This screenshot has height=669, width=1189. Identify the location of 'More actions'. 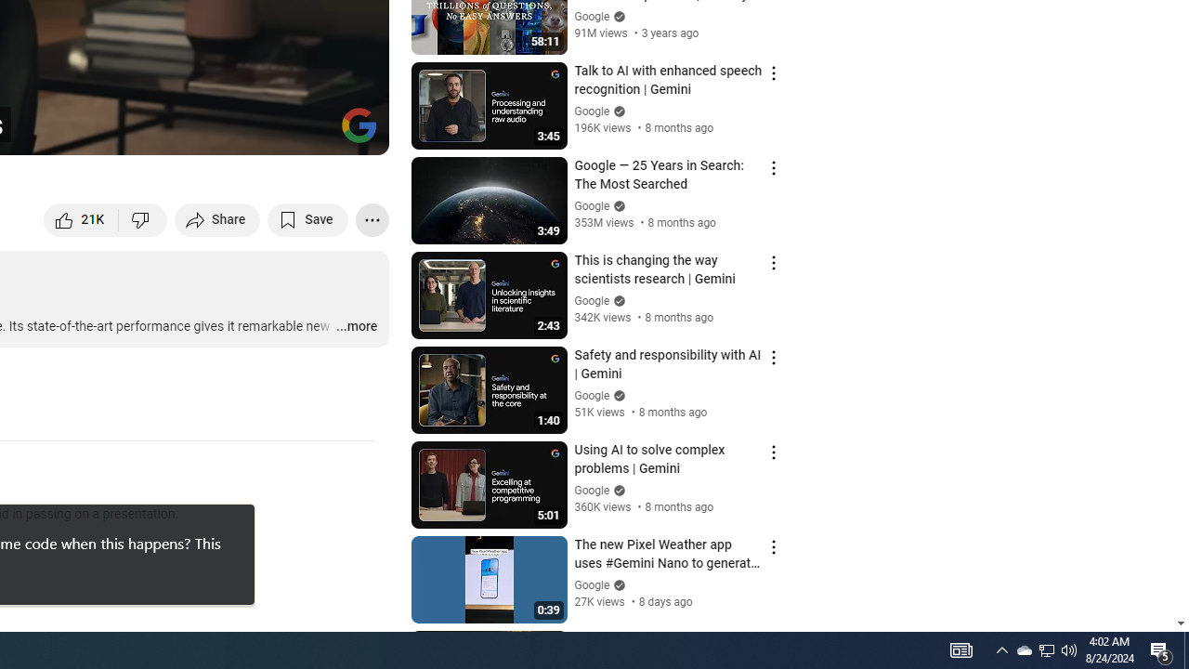
(372, 218).